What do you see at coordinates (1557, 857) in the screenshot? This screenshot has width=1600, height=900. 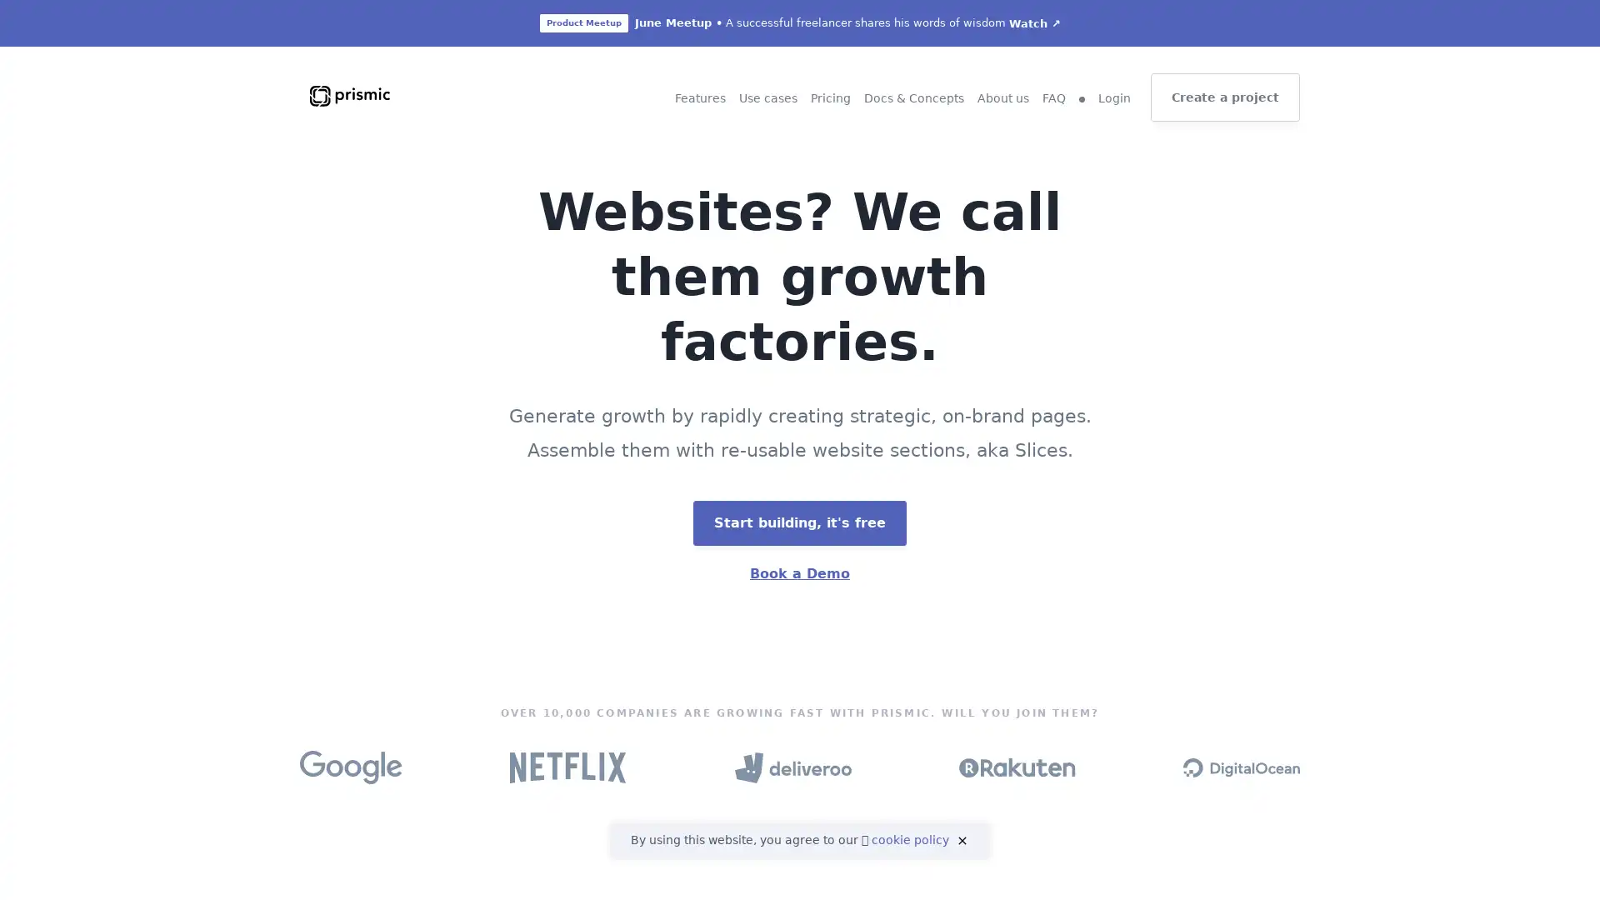 I see `Open Intercom Messenger` at bounding box center [1557, 857].